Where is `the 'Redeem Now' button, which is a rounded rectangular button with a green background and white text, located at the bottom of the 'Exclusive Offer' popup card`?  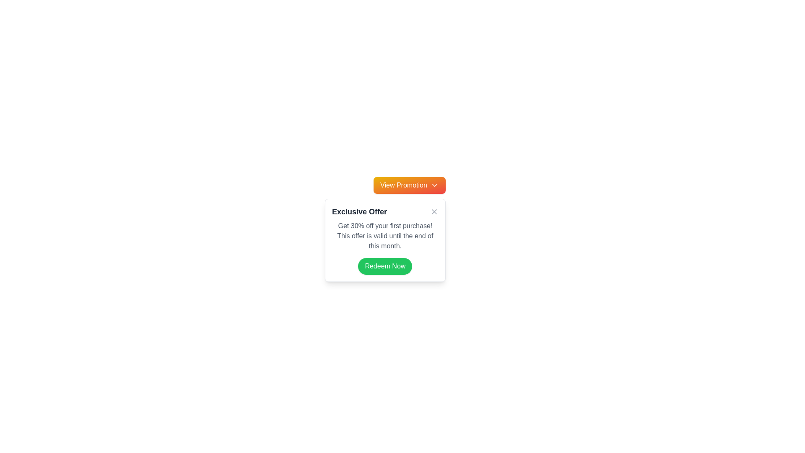 the 'Redeem Now' button, which is a rounded rectangular button with a green background and white text, located at the bottom of the 'Exclusive Offer' popup card is located at coordinates (384, 266).